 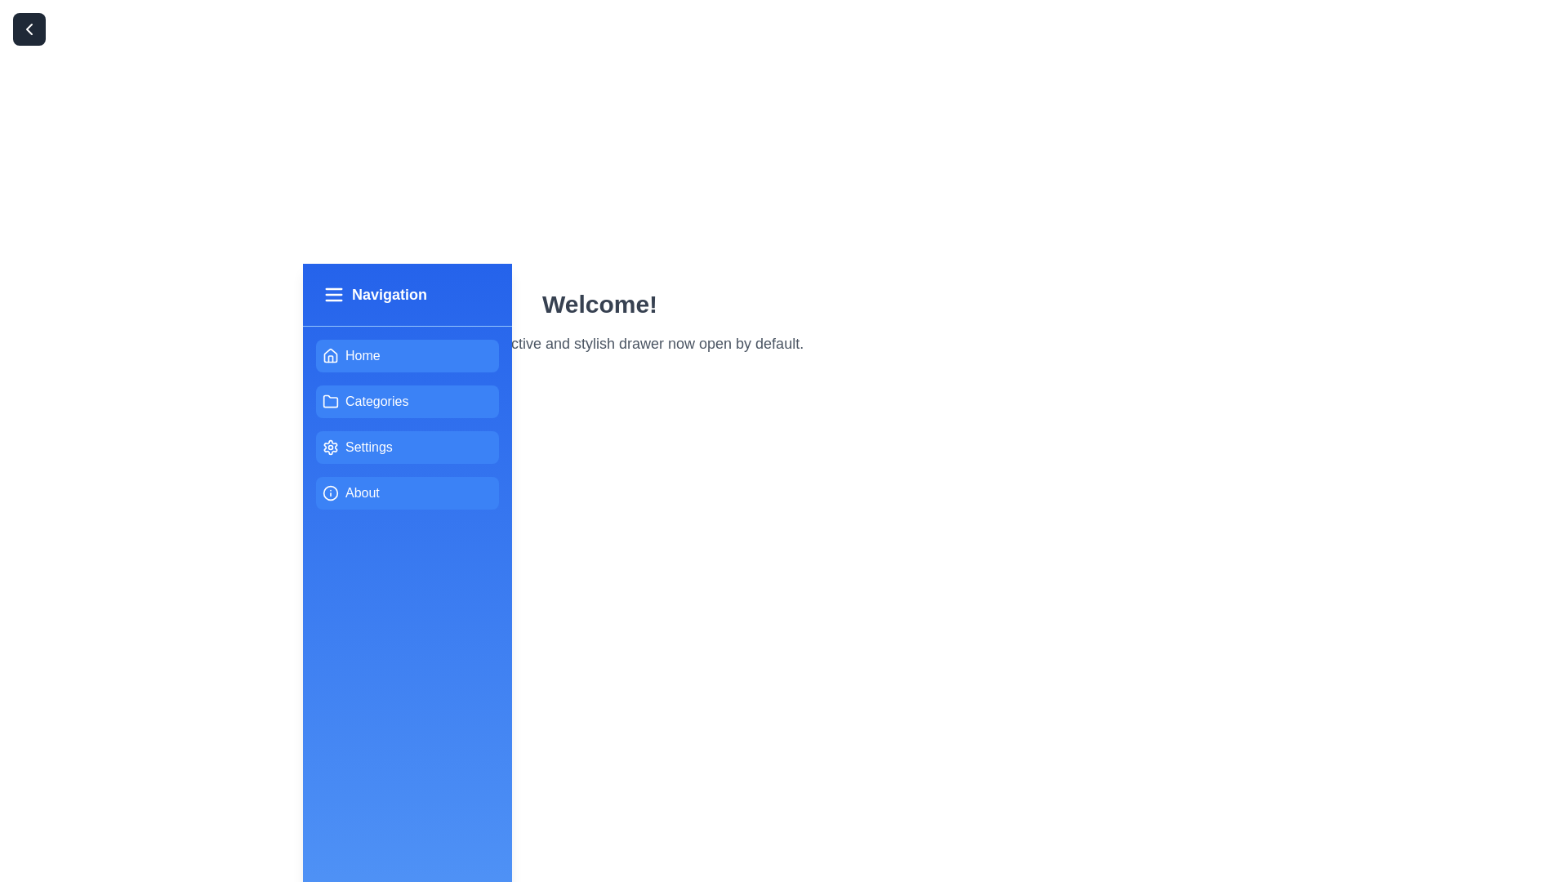 What do you see at coordinates (329, 447) in the screenshot?
I see `the 'Settings' icon located in the navigation menu, which visually represents the 'Settings' option and is positioned to the left of the 'Settings' text` at bounding box center [329, 447].